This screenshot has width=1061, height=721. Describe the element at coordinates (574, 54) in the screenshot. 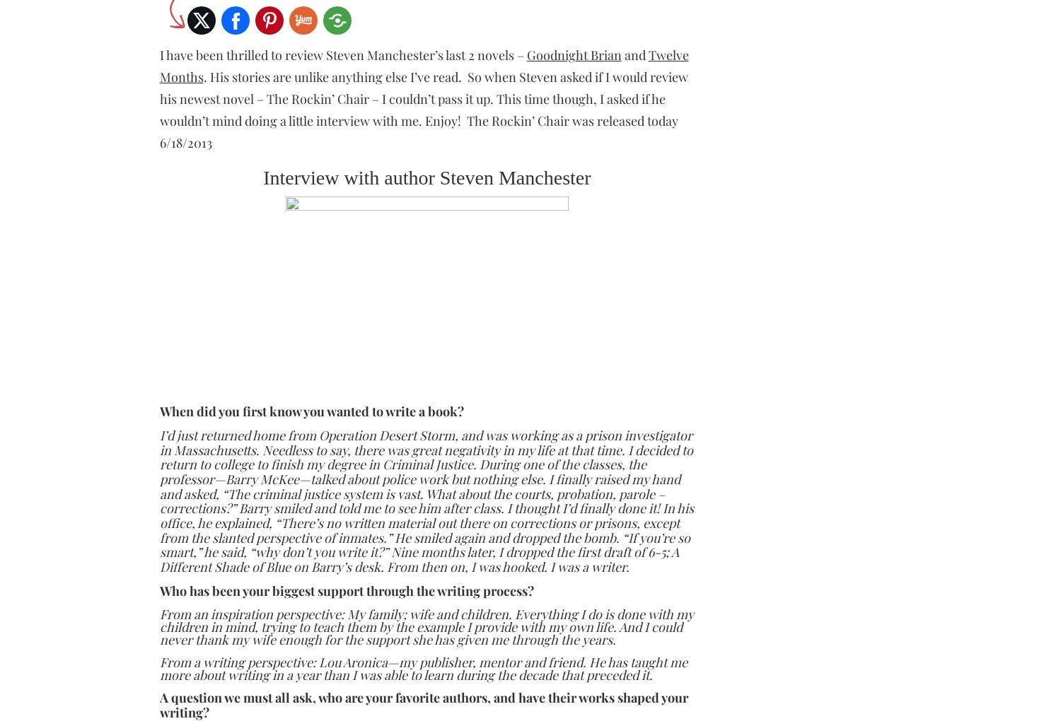

I see `'Goodnight Brian'` at that location.